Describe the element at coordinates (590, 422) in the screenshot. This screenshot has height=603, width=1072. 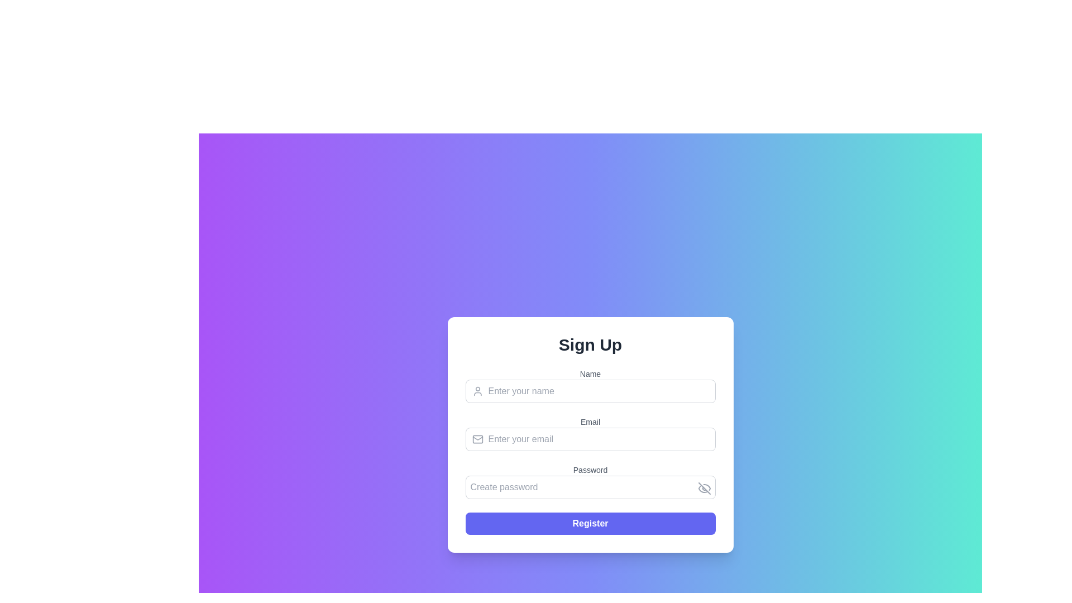
I see `the 'Email' text label element, which is displayed above the email input field in the form interface` at that location.